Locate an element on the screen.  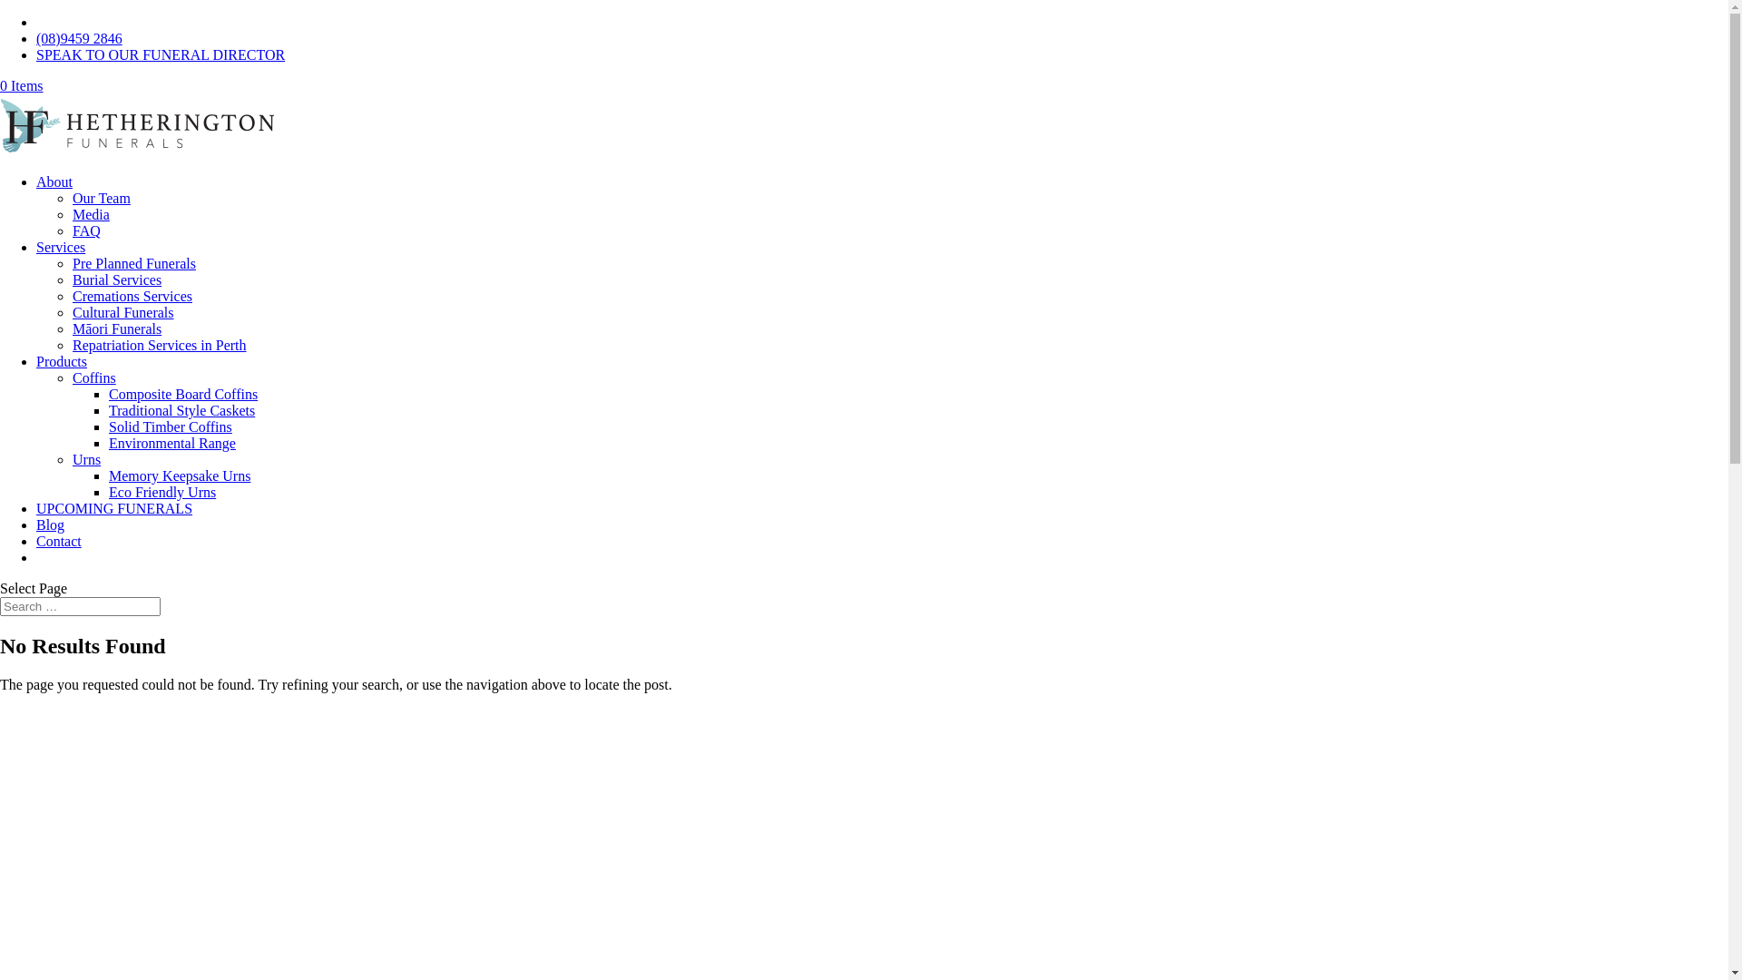
'Memory Keepsake Urns' is located at coordinates (179, 475).